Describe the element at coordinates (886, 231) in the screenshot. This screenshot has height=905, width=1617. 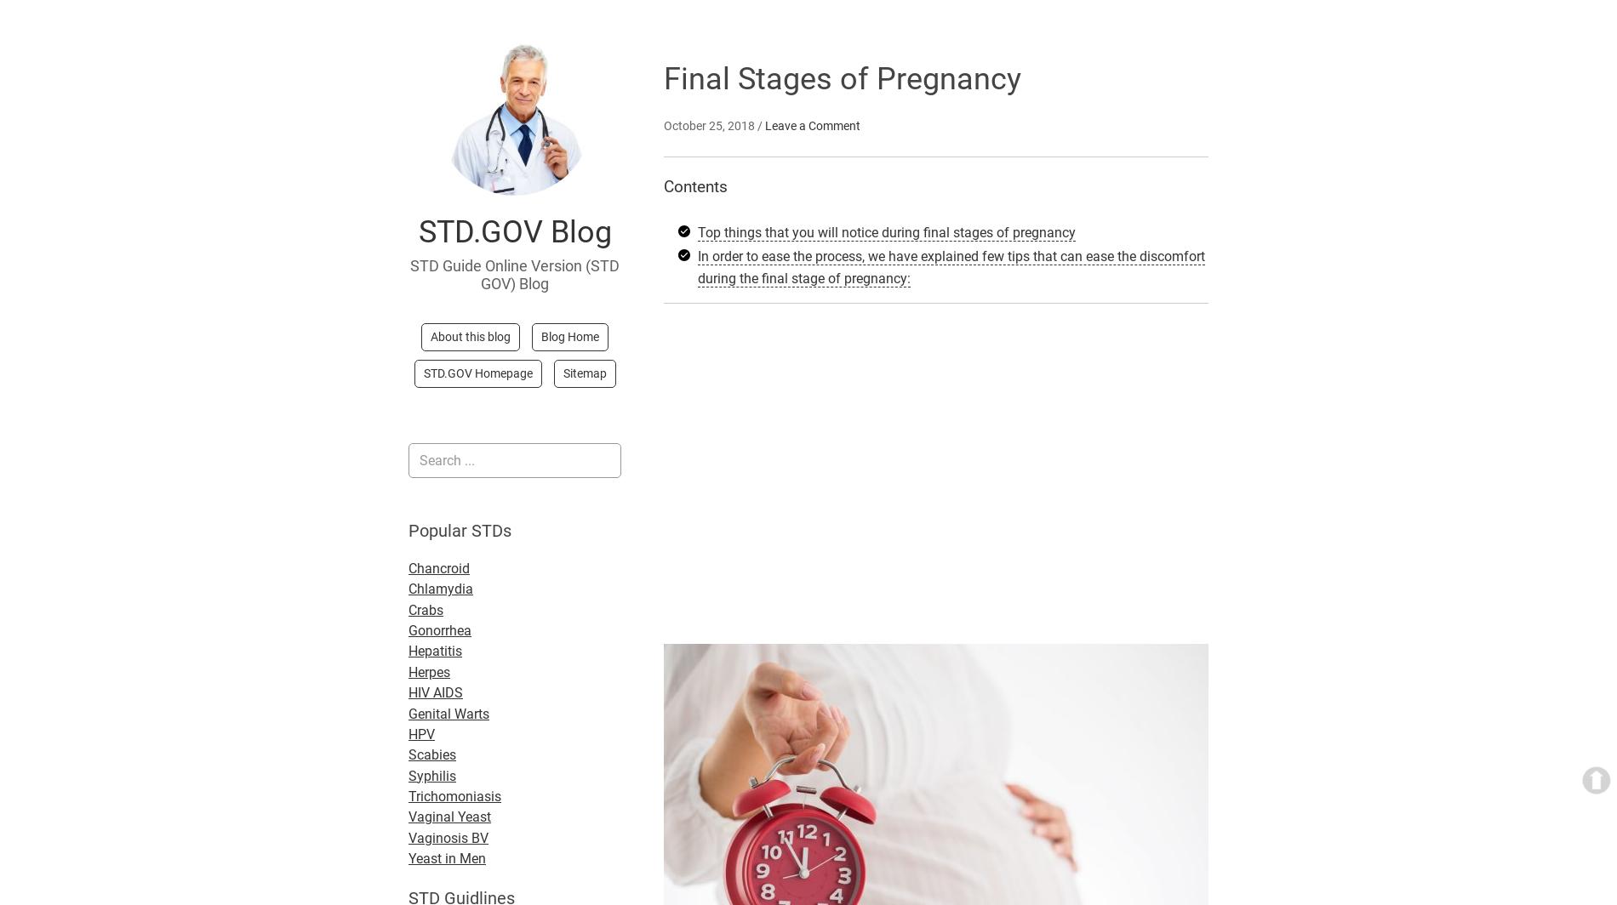
I see `'Top things that you will notice during final stages of pregnancy'` at that location.